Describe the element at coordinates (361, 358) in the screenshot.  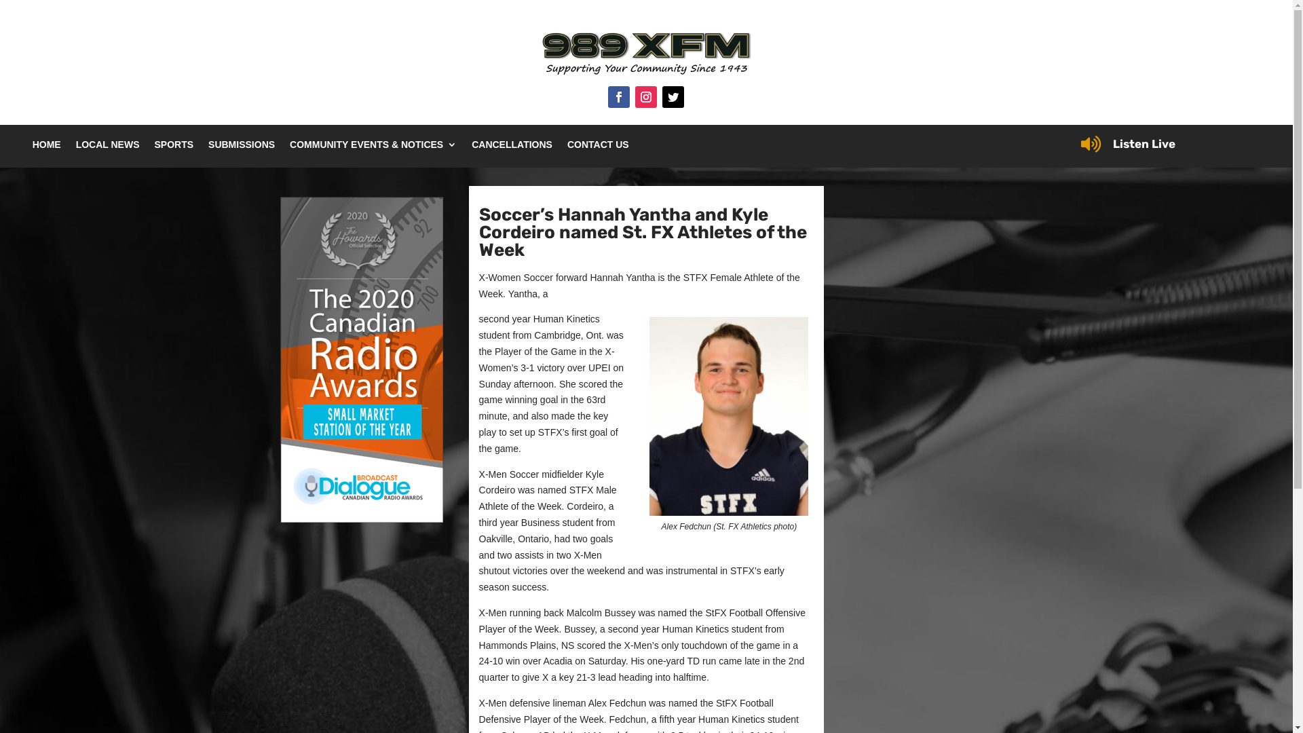
I see `'989_smallmarket-stationoftheyear2020award'` at that location.